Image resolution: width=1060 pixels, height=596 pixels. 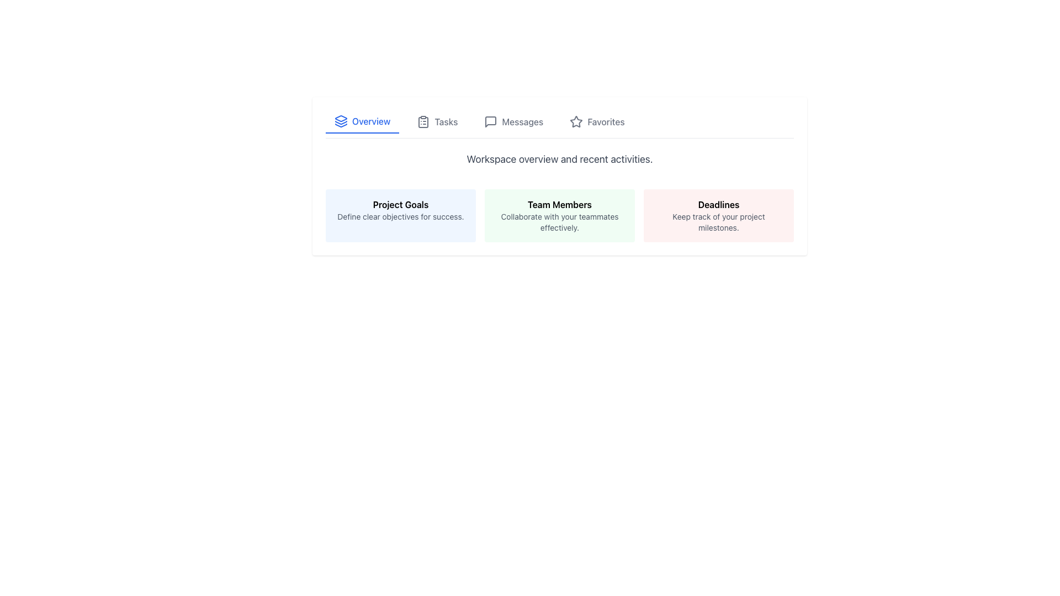 What do you see at coordinates (559, 215) in the screenshot?
I see `information displayed on the Text display card that communicates about team members and emphasizes collaboration and teamwork, located centrally in a row of three cards` at bounding box center [559, 215].